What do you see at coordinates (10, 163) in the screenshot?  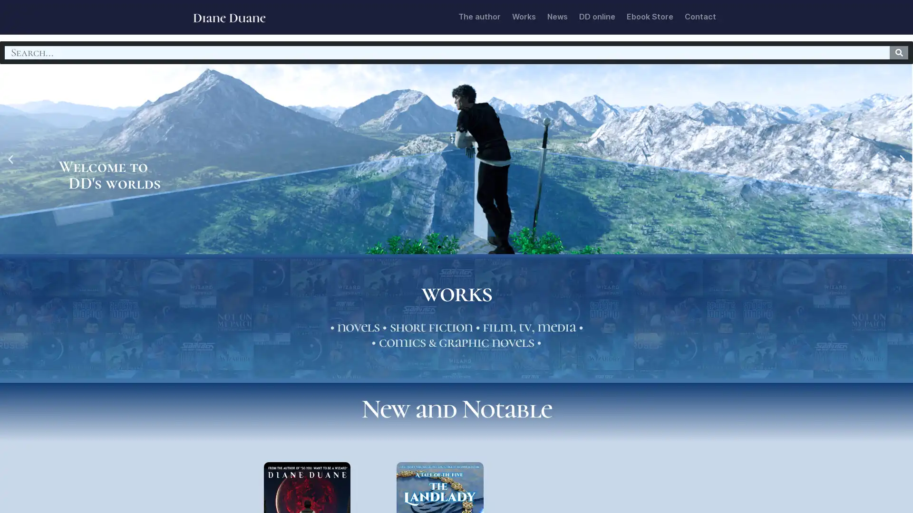 I see `Previous slide` at bounding box center [10, 163].